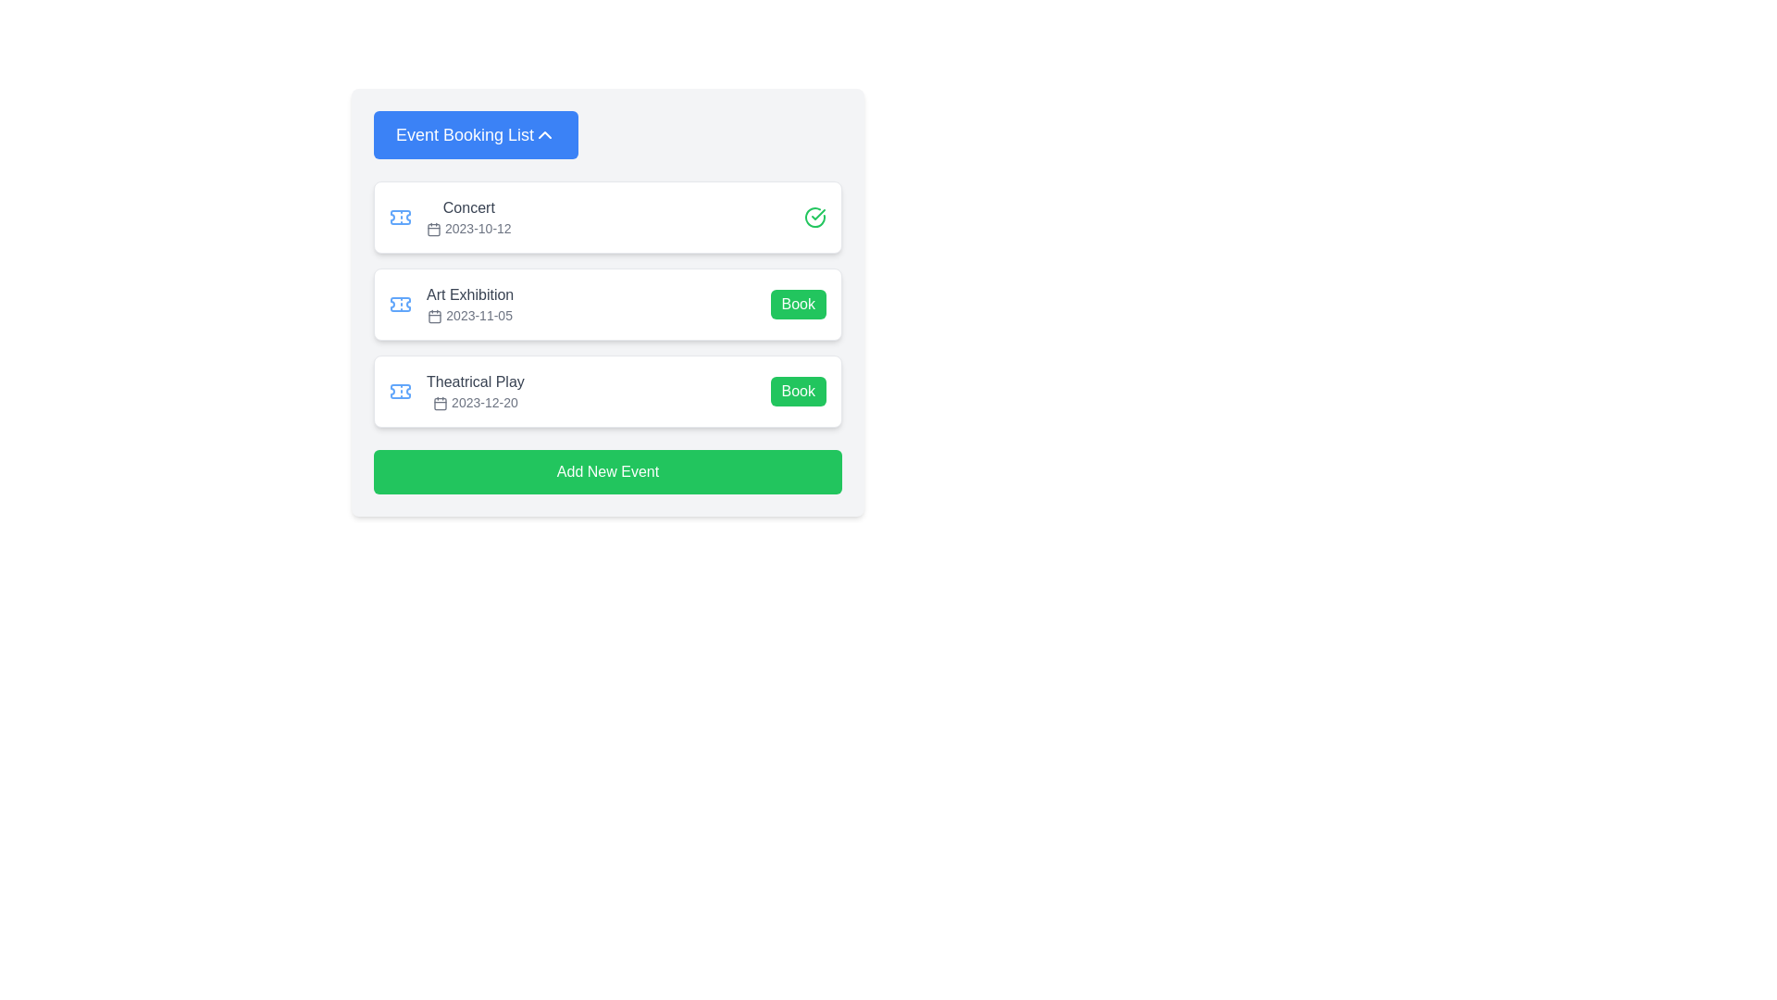  I want to click on the button located in the bottom-right corner of the card displaying the event 'Theatrical Play' to book the event, so click(798, 391).